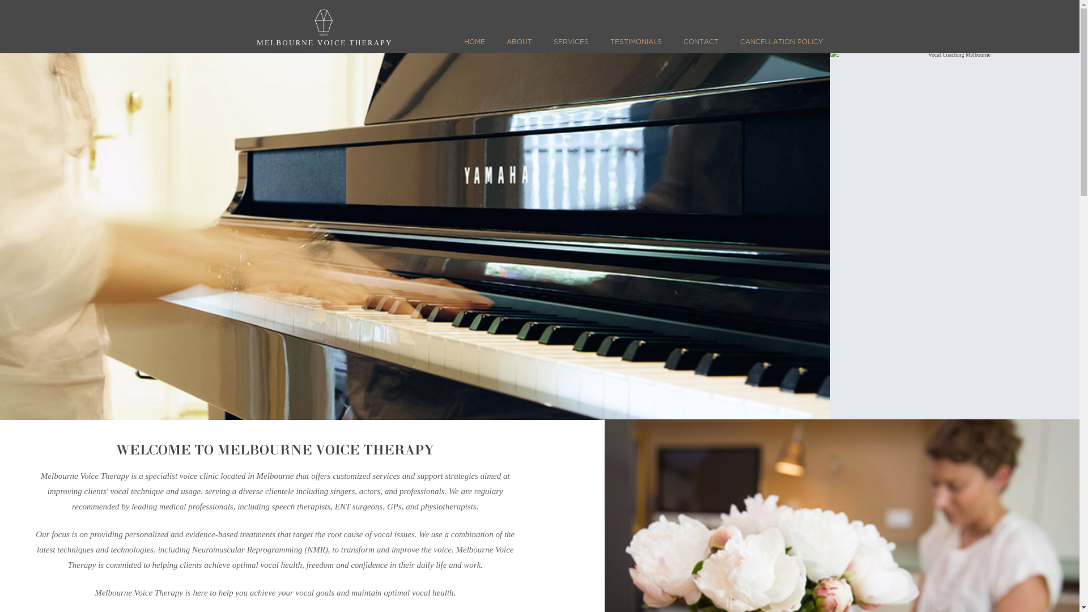  What do you see at coordinates (635, 45) in the screenshot?
I see `'TESTIMONIALS'` at bounding box center [635, 45].